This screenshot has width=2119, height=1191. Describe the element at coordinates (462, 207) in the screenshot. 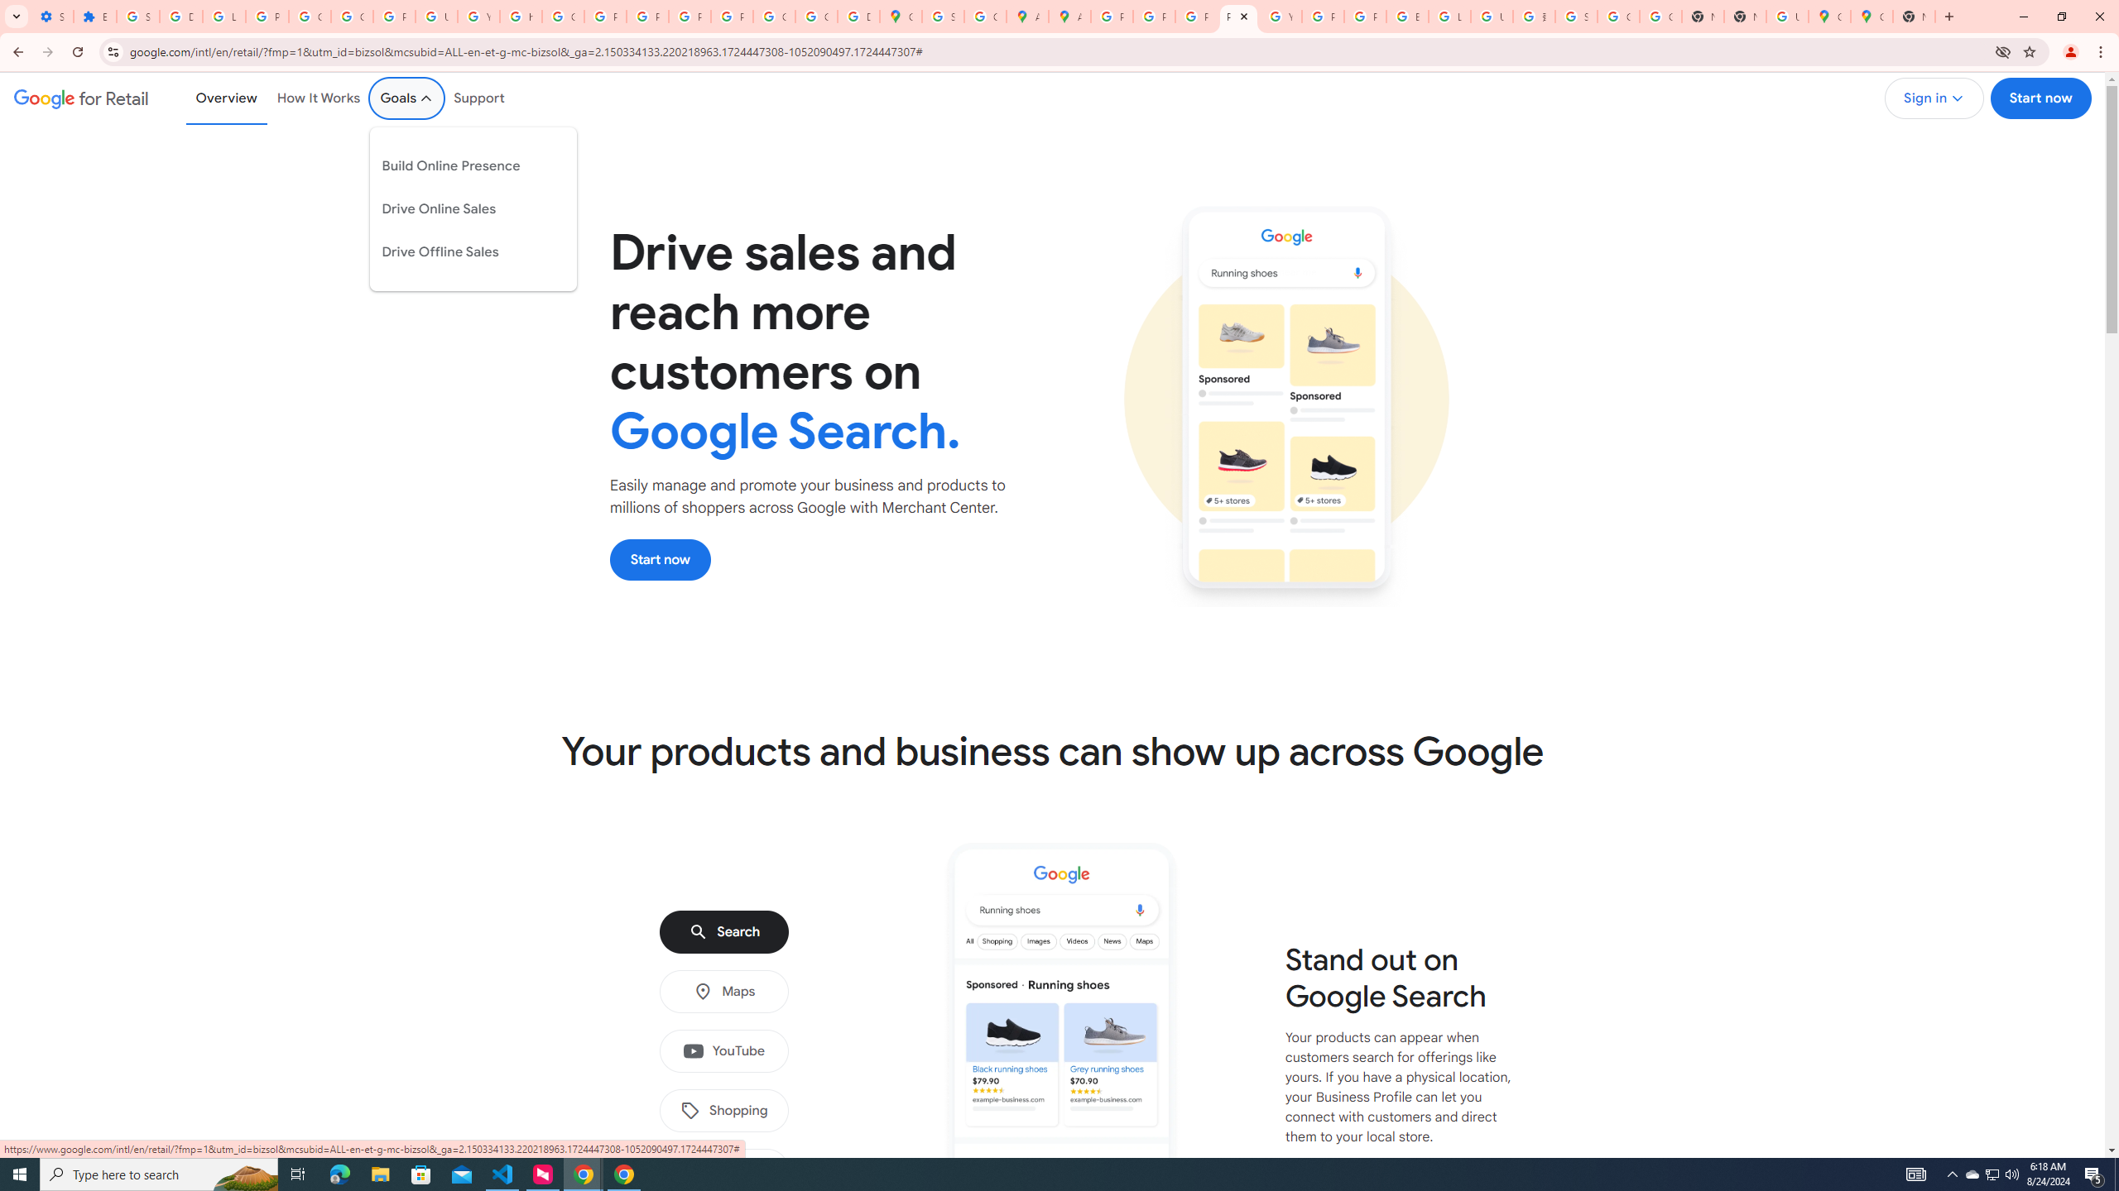

I see `'Drive Online Sales'` at that location.